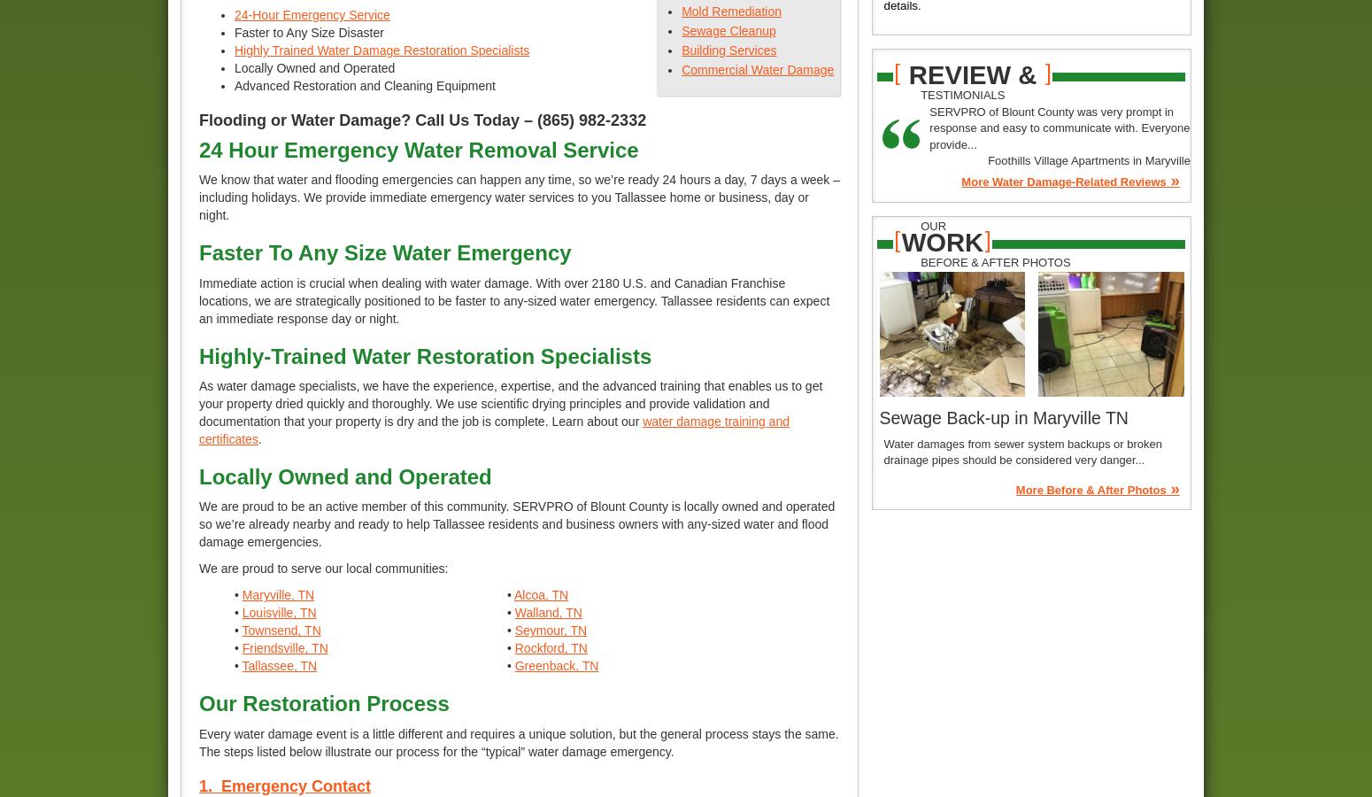  Describe the element at coordinates (368, 120) in the screenshot. I see `'Flooding or Water Damage? Call Us Today –'` at that location.